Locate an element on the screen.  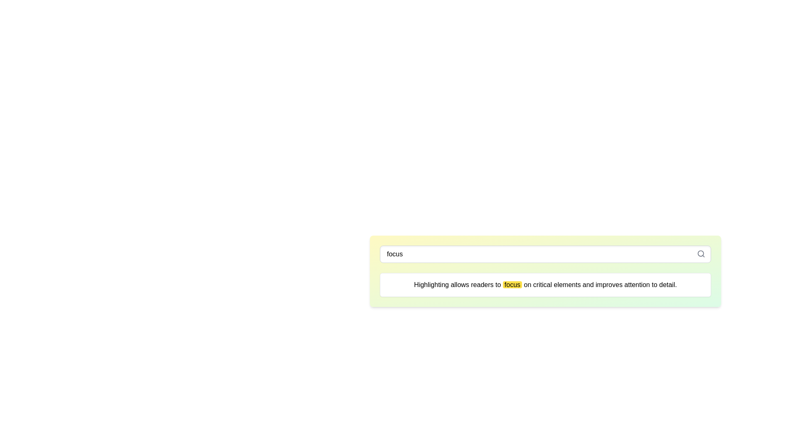
the highlighted word 'focus' within the sentence, which is emphasized by a yellow box, to draw attention to its importance is located at coordinates (512, 284).